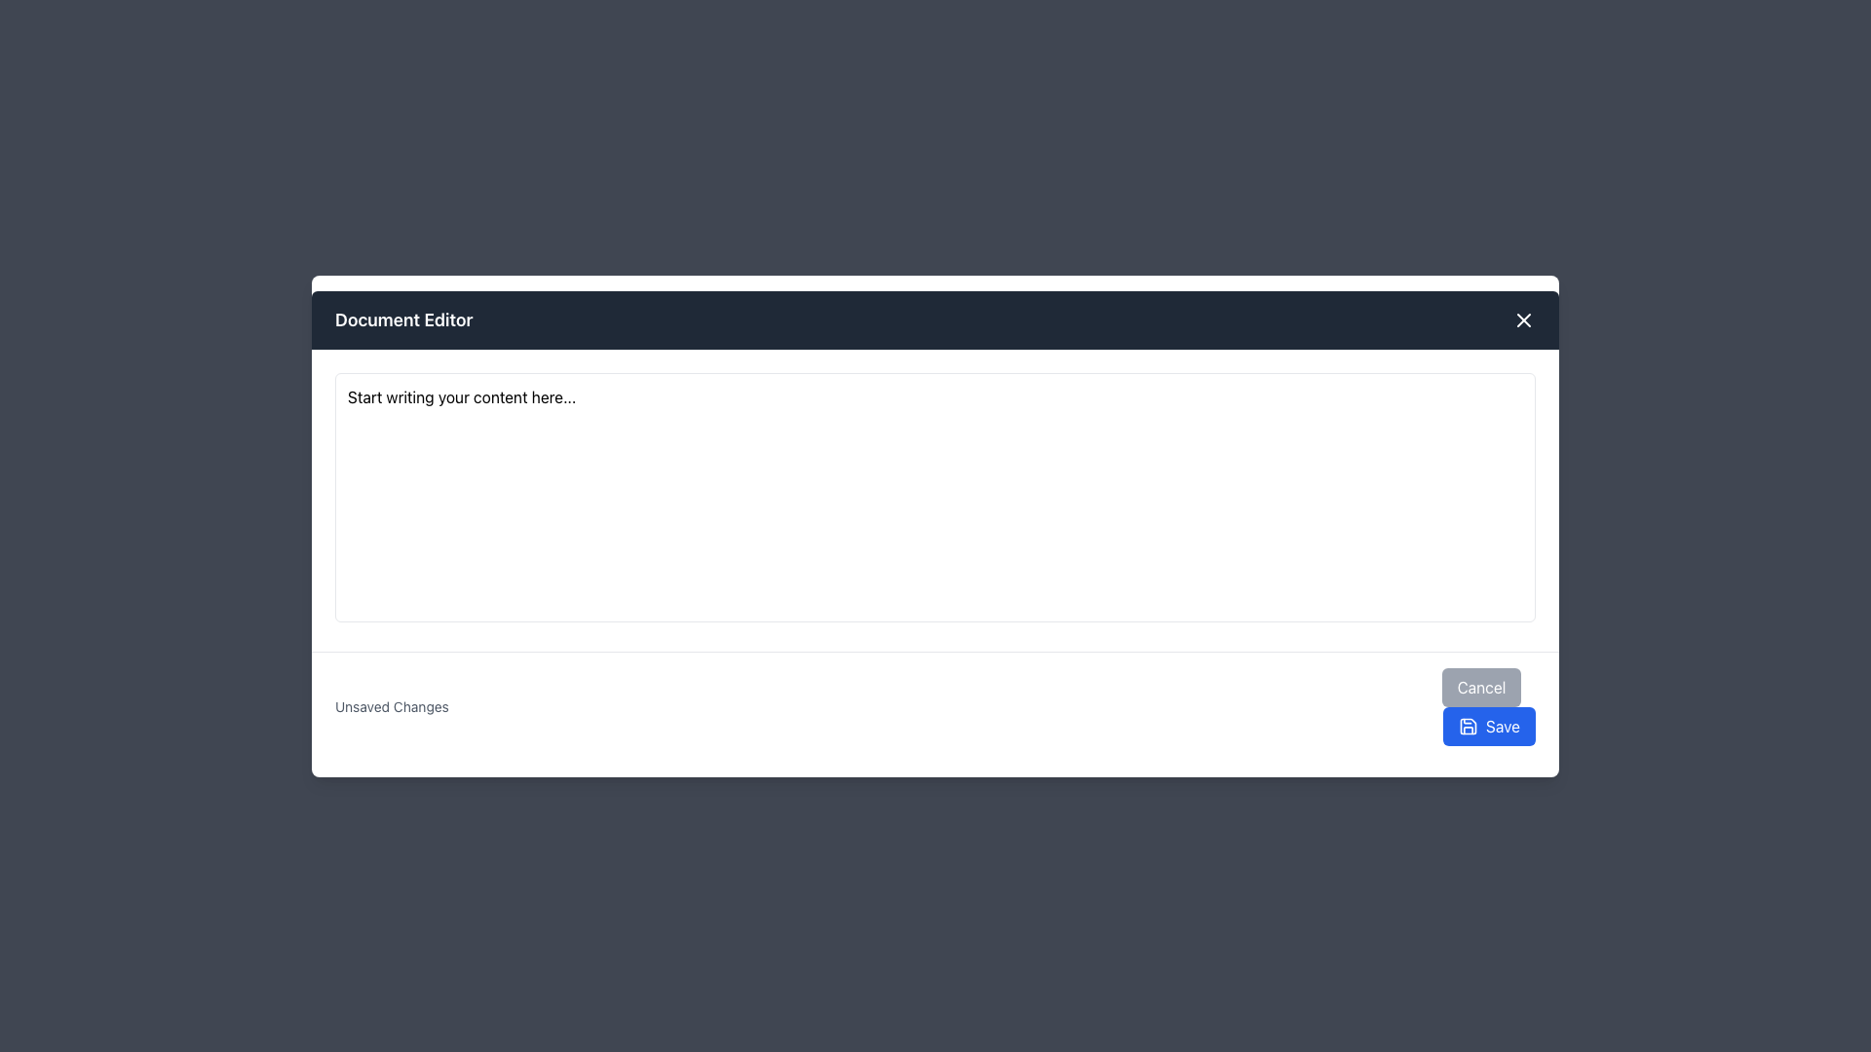 This screenshot has height=1052, width=1871. I want to click on the close button located at the top-right corner of the modal window's header, so click(1523, 319).